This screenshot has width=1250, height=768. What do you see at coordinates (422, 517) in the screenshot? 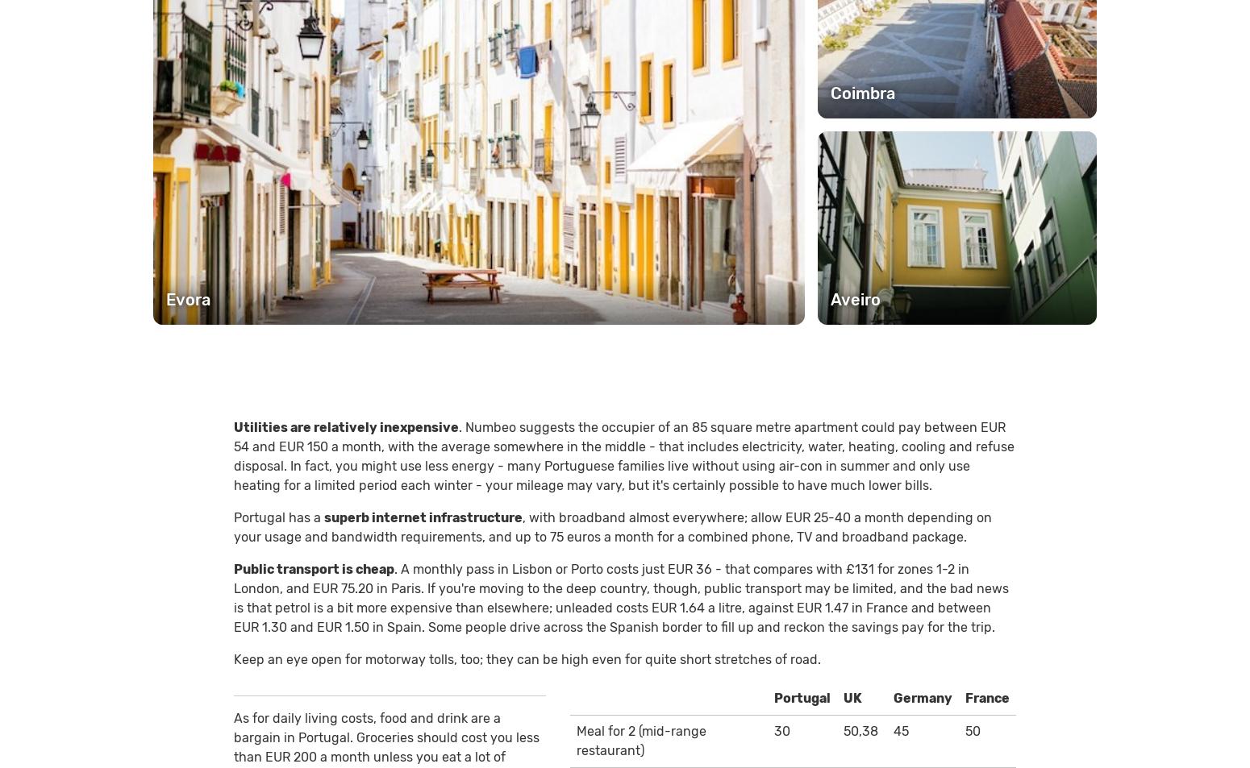
I see `'superb internet infrastructure'` at bounding box center [422, 517].